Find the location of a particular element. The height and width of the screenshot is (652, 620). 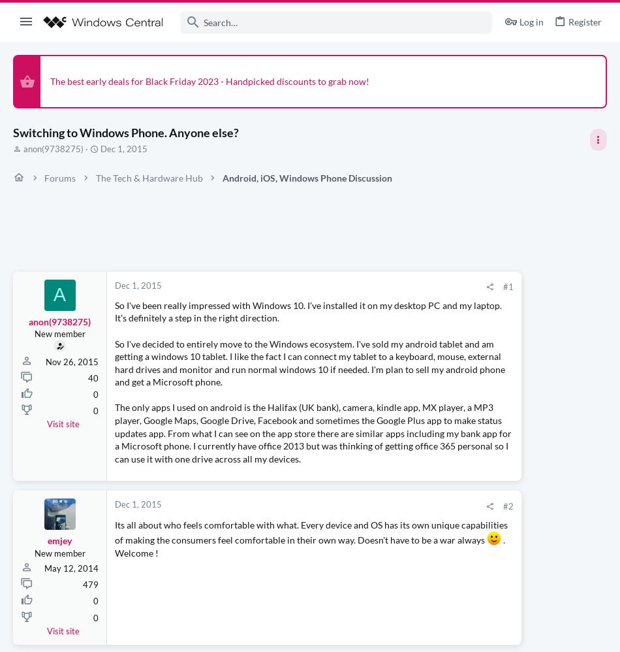

'30 minutes ago' is located at coordinates (562, 393).